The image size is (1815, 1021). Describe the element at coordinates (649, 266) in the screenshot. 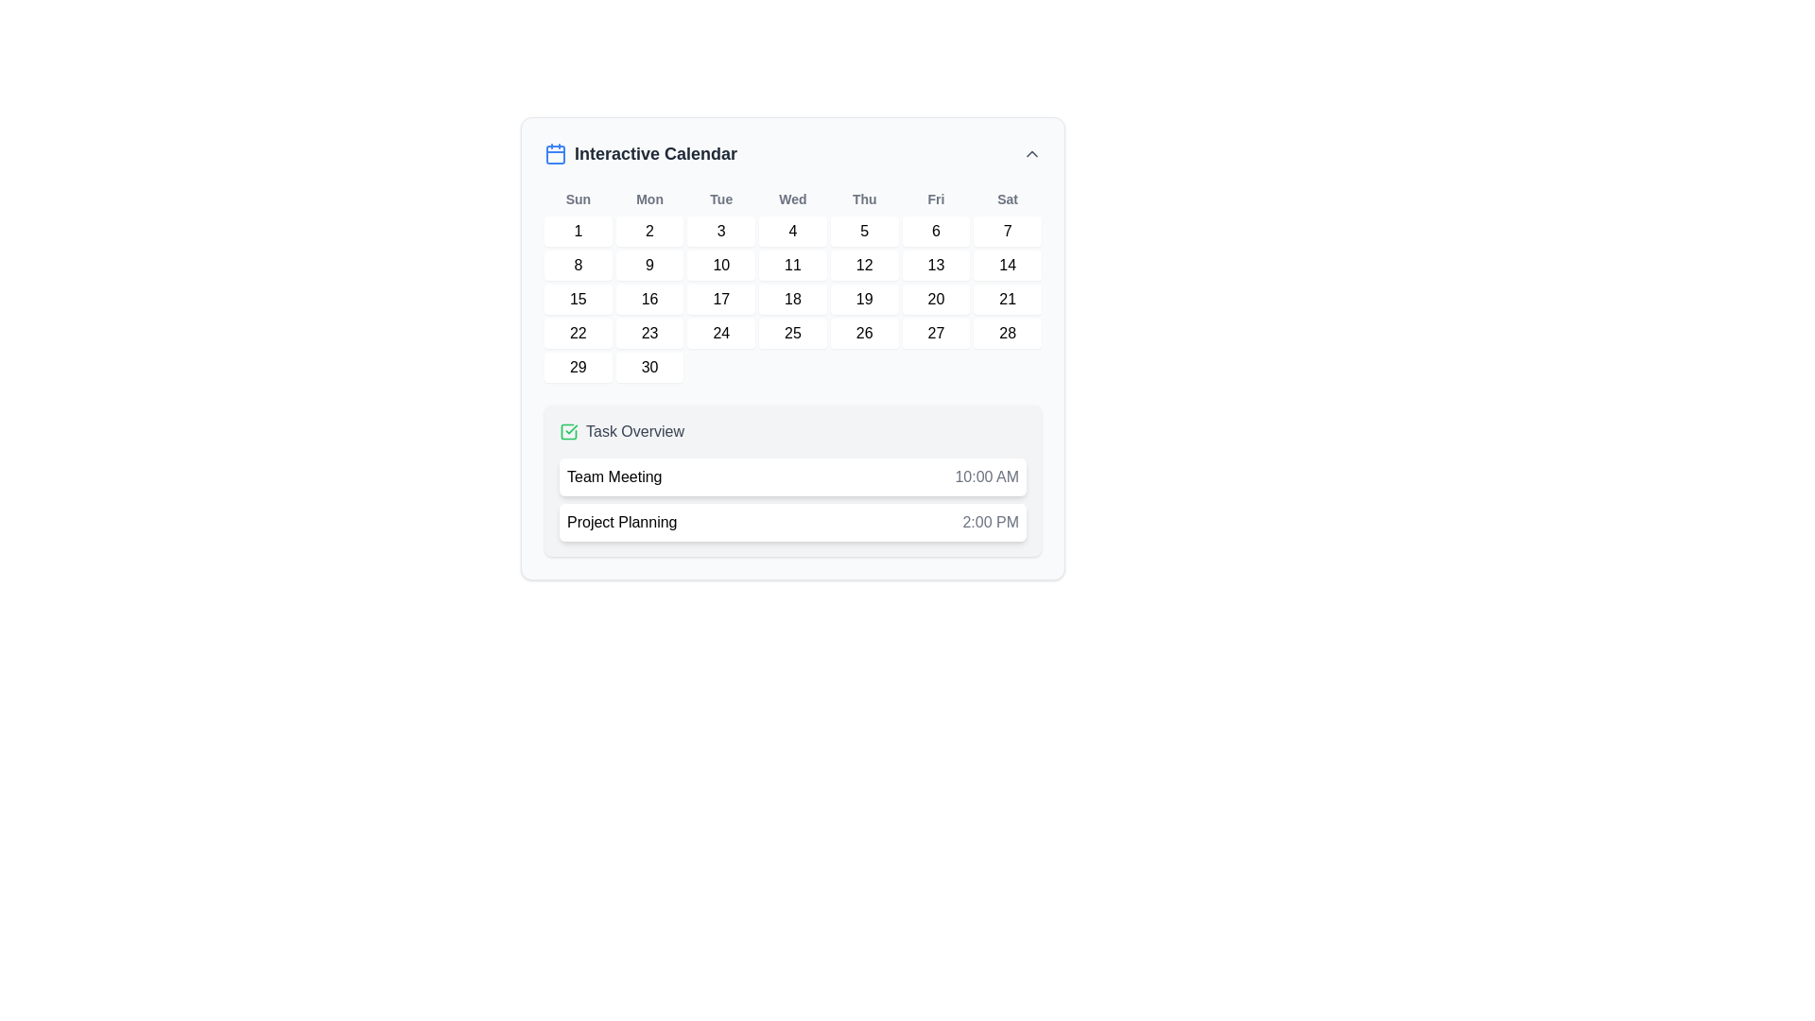

I see `the calendar day button displaying the number '9'` at that location.